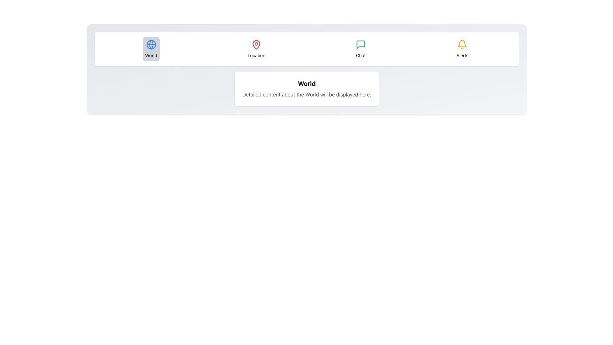  Describe the element at coordinates (361, 44) in the screenshot. I see `the Chat icon in the top navigation bar, which represents the chat or messaging feature` at that location.